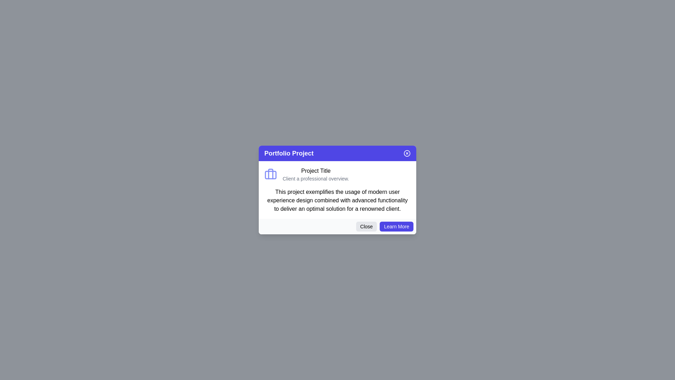 The image size is (675, 380). What do you see at coordinates (407, 153) in the screenshot?
I see `the circular close button located in the top-right corner of the modal dialog, which features a decorative graphical 'X' icon` at bounding box center [407, 153].